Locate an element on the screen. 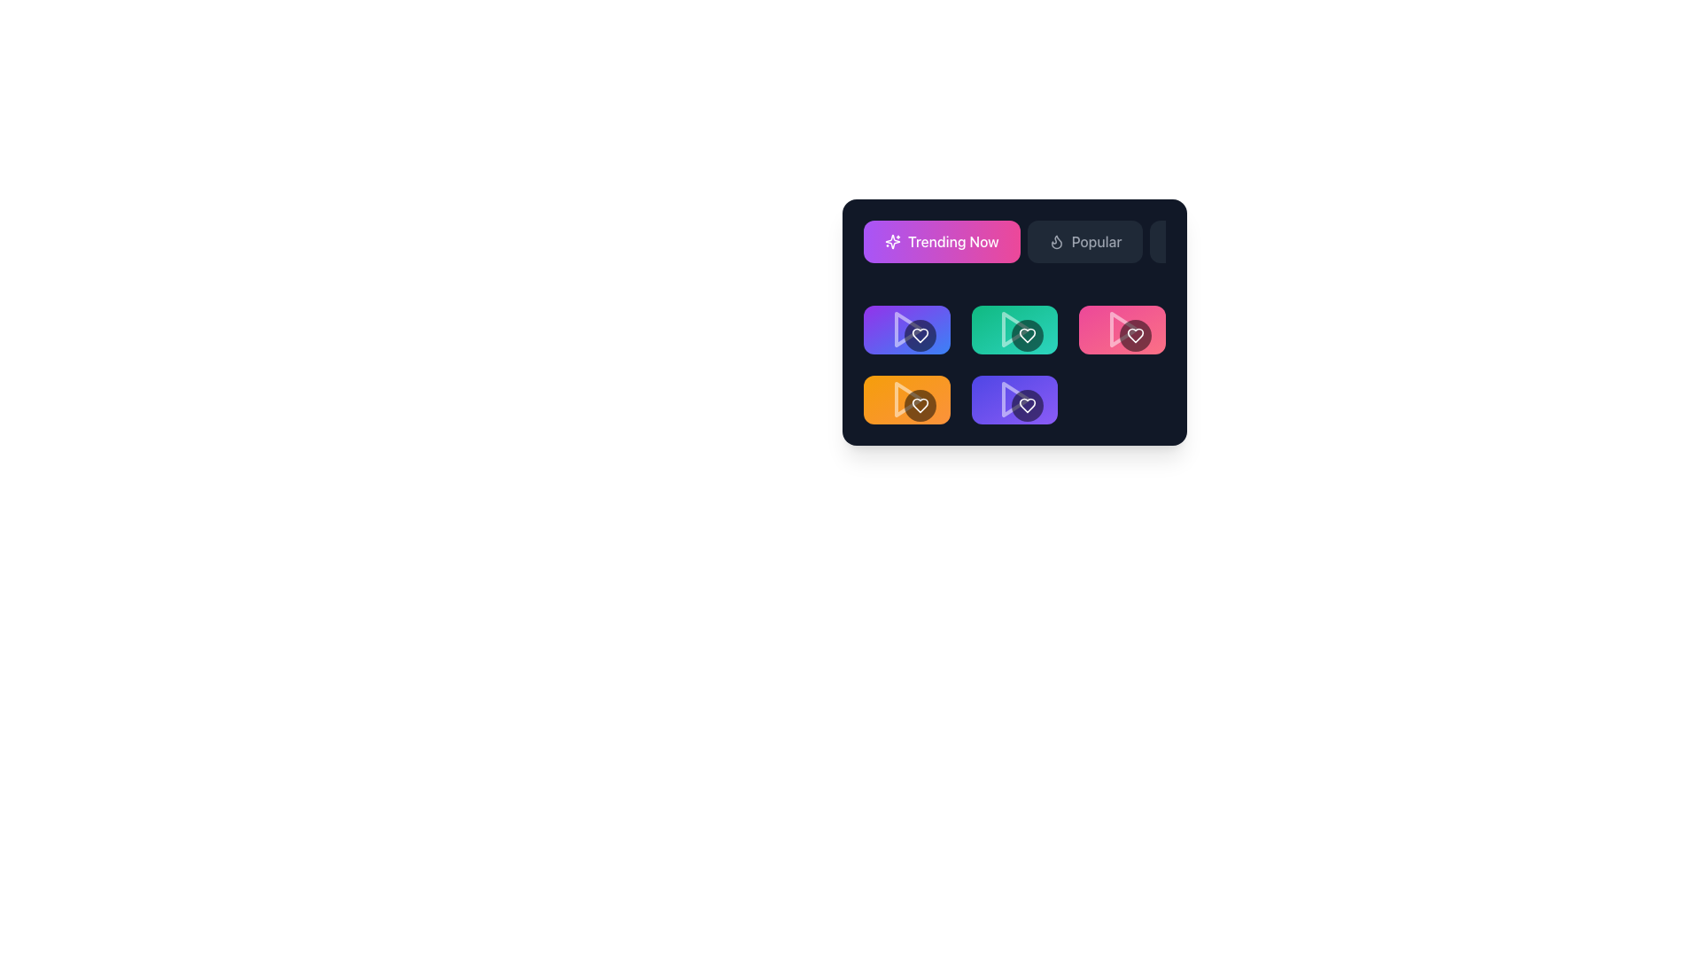  the 'Popular' button, which is the rightmost button in the horizontal button group is located at coordinates (1122, 270).